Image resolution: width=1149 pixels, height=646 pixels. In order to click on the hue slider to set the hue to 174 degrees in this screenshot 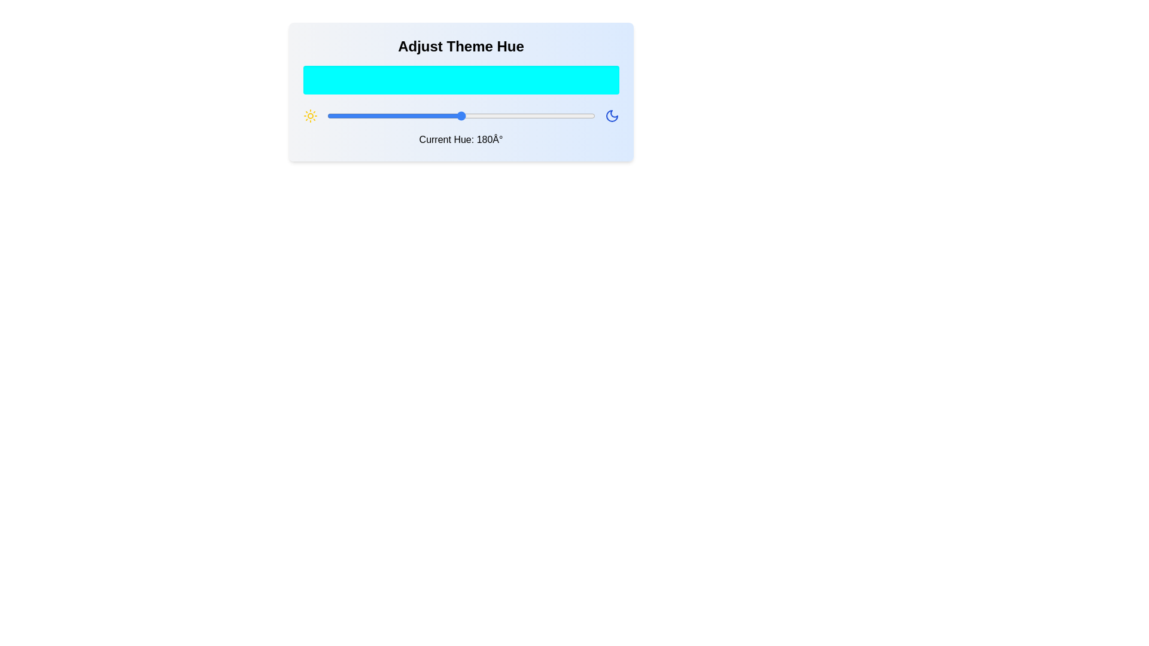, I will do `click(456, 115)`.